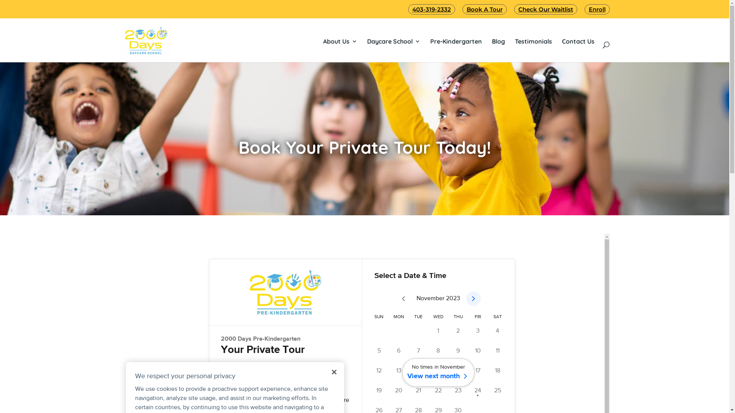 The width and height of the screenshot is (735, 413). Describe the element at coordinates (462, 9) in the screenshot. I see `'Book A Tour'` at that location.